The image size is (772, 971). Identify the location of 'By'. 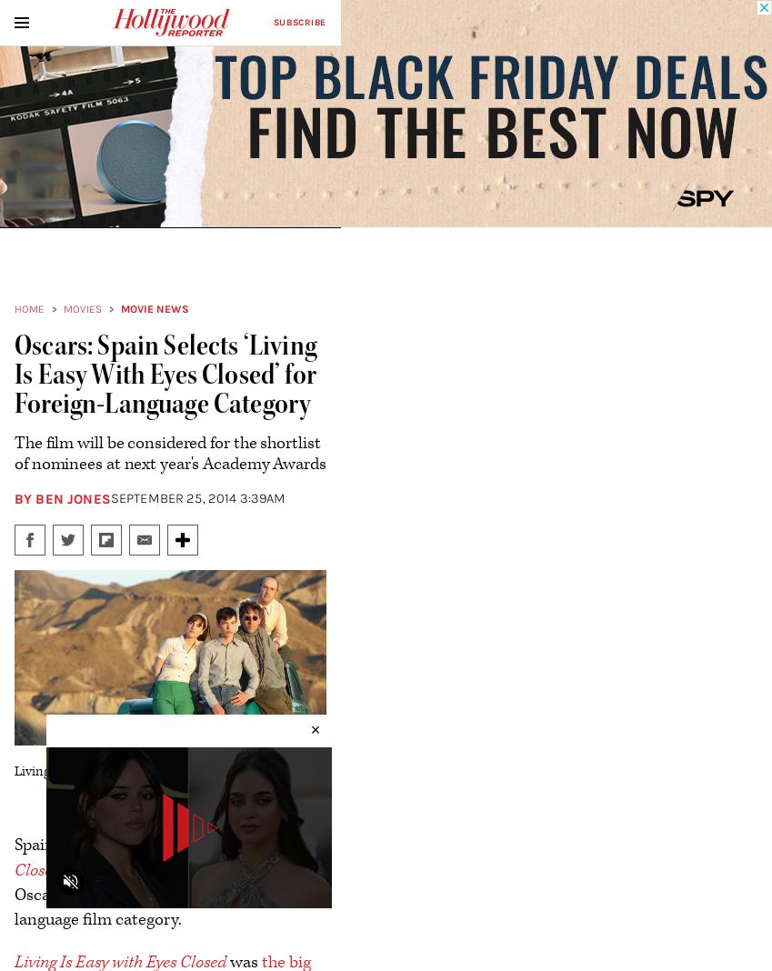
(24, 497).